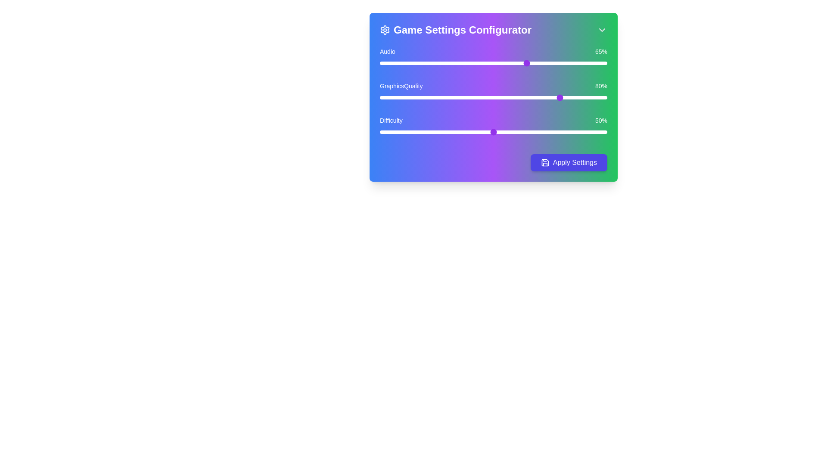 The width and height of the screenshot is (827, 465). Describe the element at coordinates (400, 62) in the screenshot. I see `the audio slider` at that location.